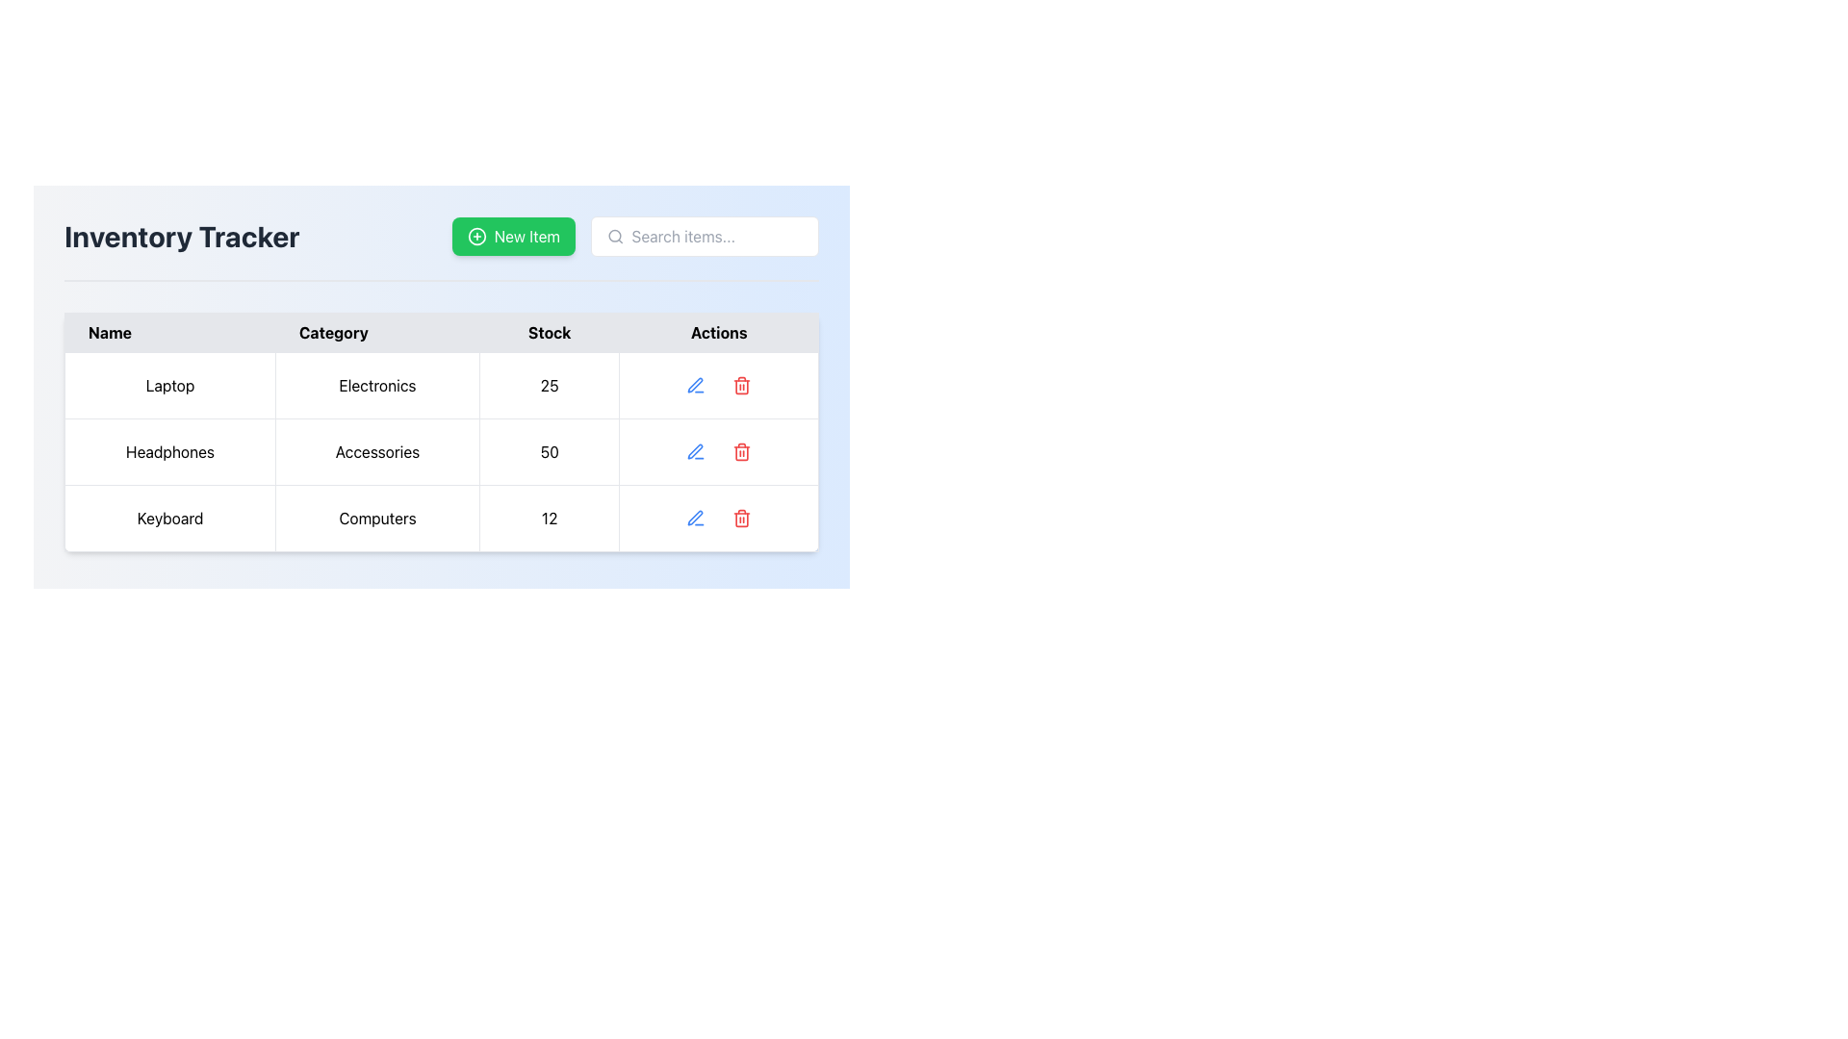  What do you see at coordinates (549, 452) in the screenshot?
I see `the table cell containing the text '50' in the 'Stock' column of the table, located in the third column of the second row under the 'Headphones' row` at bounding box center [549, 452].